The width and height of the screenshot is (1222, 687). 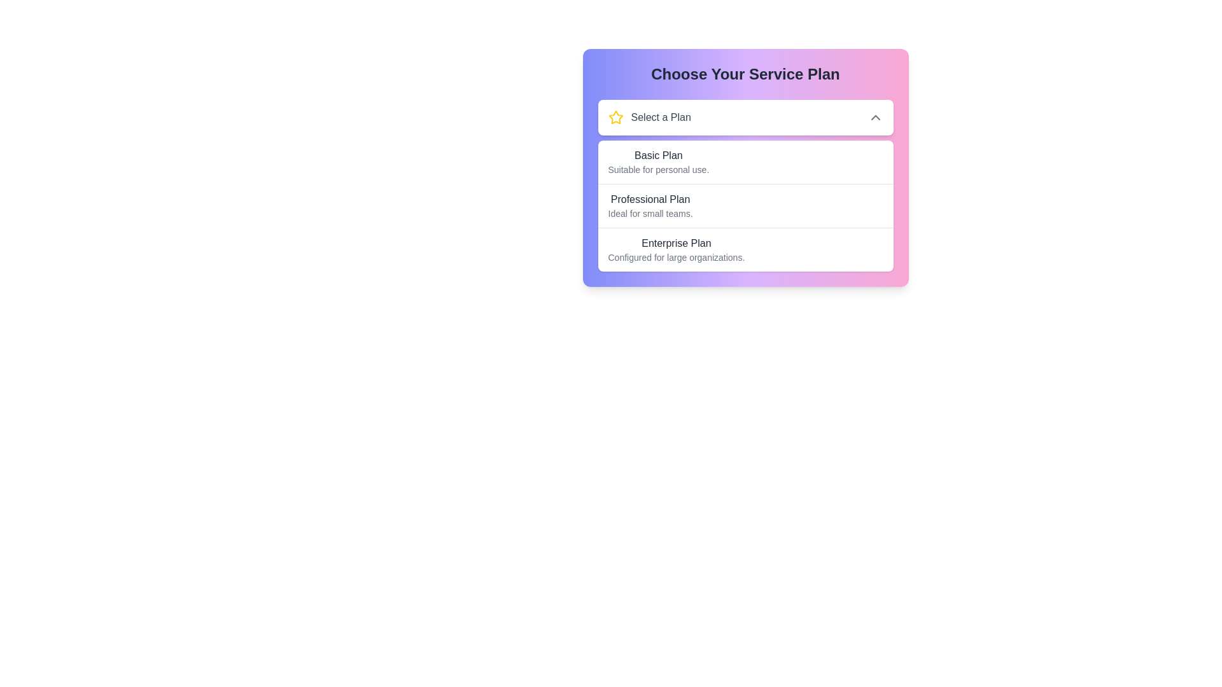 What do you see at coordinates (649, 118) in the screenshot?
I see `the dropdown selector title element that features a yellow star icon and the text 'Select a Plan' to navigate through the keyboard` at bounding box center [649, 118].